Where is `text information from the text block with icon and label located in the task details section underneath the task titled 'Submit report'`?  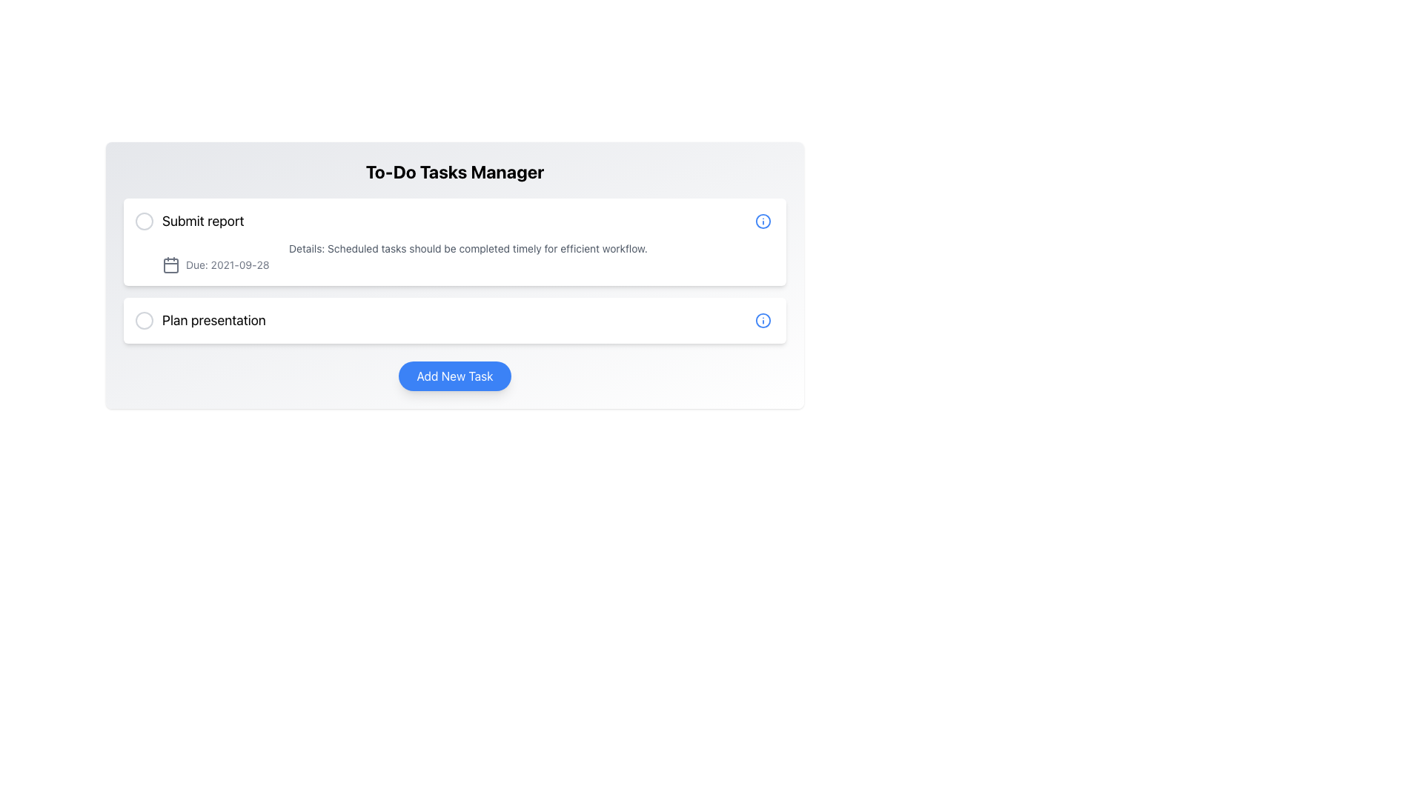
text information from the text block with icon and label located in the task details section underneath the task titled 'Submit report' is located at coordinates (454, 256).